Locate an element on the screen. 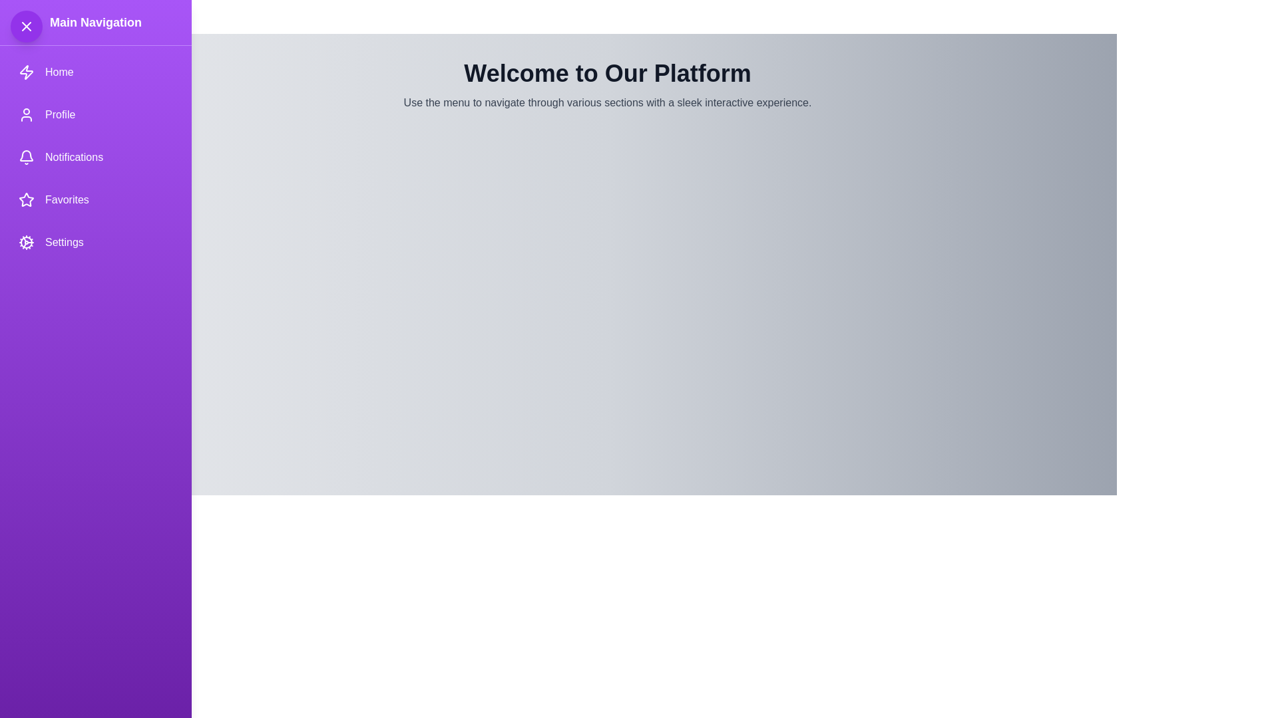 The image size is (1278, 718). the navigation item Profile to trigger its action is located at coordinates (95, 114).